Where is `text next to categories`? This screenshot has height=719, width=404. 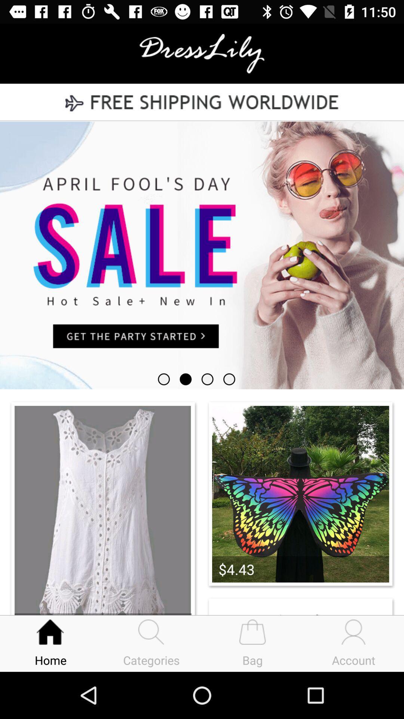 text next to categories is located at coordinates (252, 643).